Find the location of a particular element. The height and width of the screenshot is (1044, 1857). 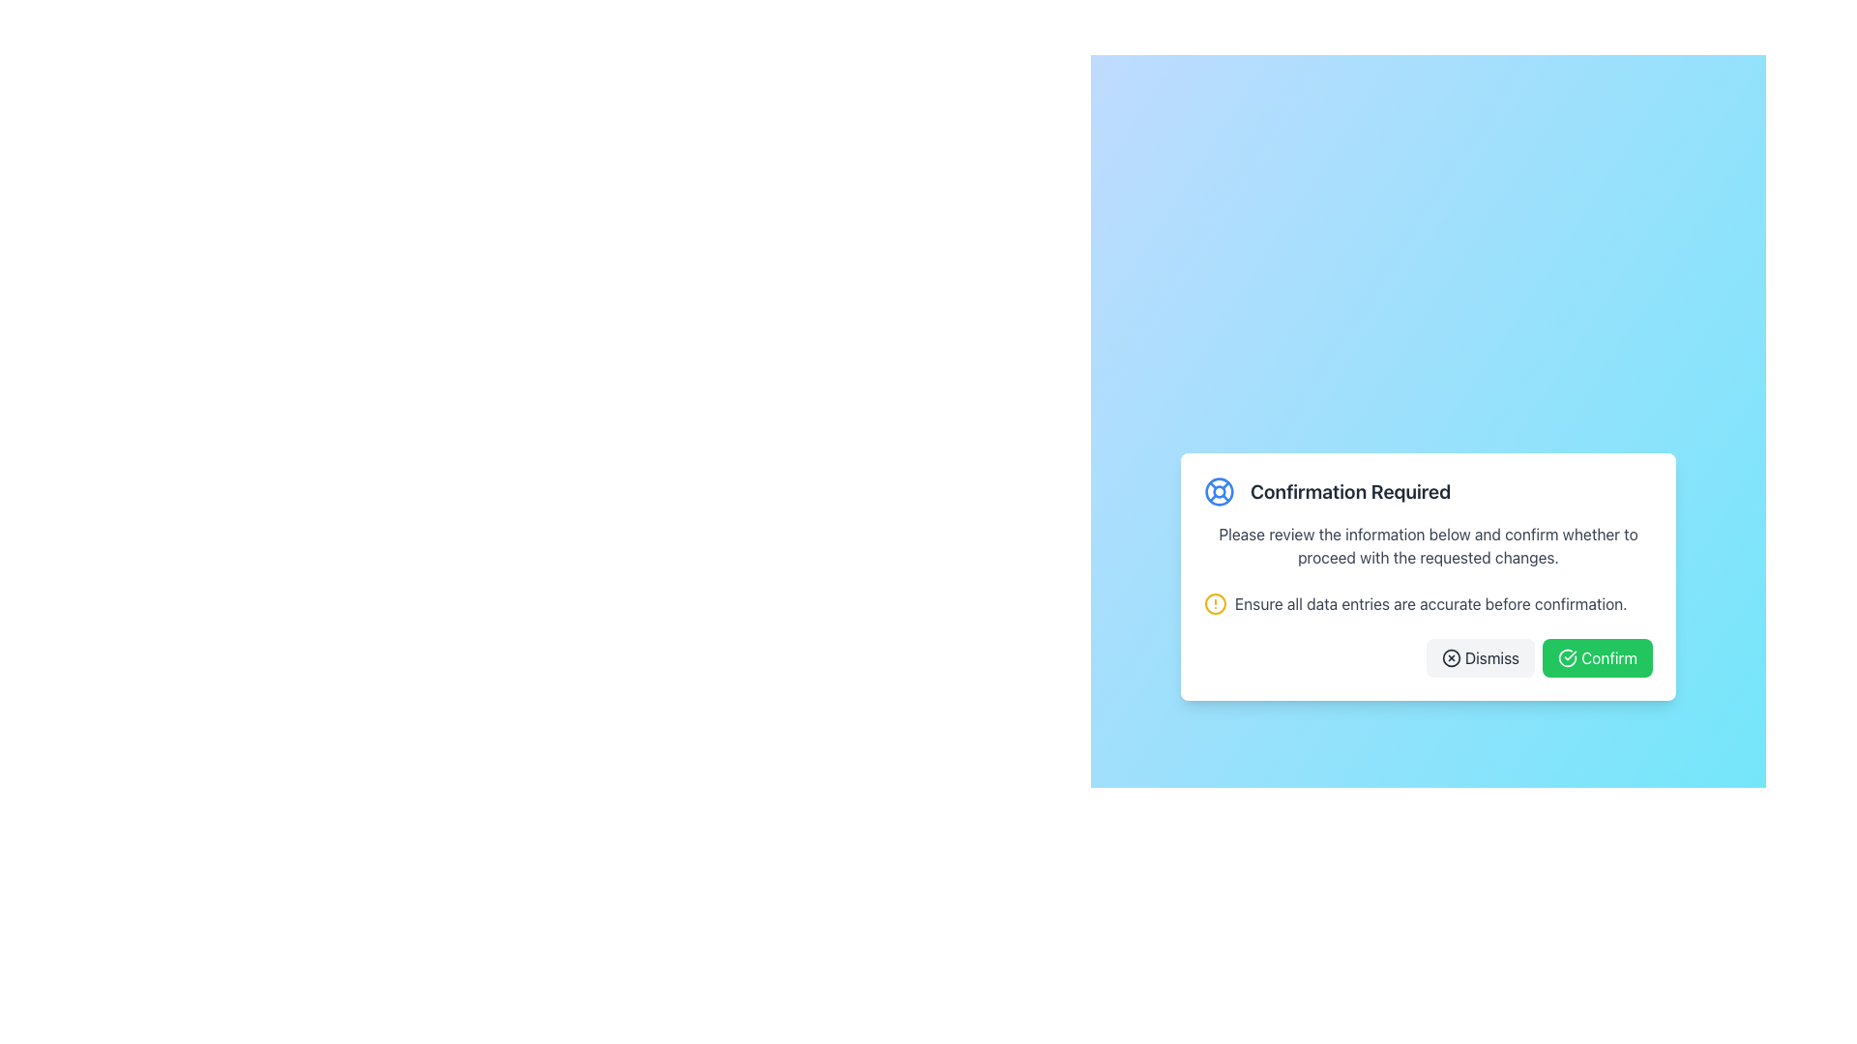

the circular life buoy icon with blue outlines and white areas, located to the left of the 'Confirmation Required' text in the confirmation dialog box is located at coordinates (1219, 491).